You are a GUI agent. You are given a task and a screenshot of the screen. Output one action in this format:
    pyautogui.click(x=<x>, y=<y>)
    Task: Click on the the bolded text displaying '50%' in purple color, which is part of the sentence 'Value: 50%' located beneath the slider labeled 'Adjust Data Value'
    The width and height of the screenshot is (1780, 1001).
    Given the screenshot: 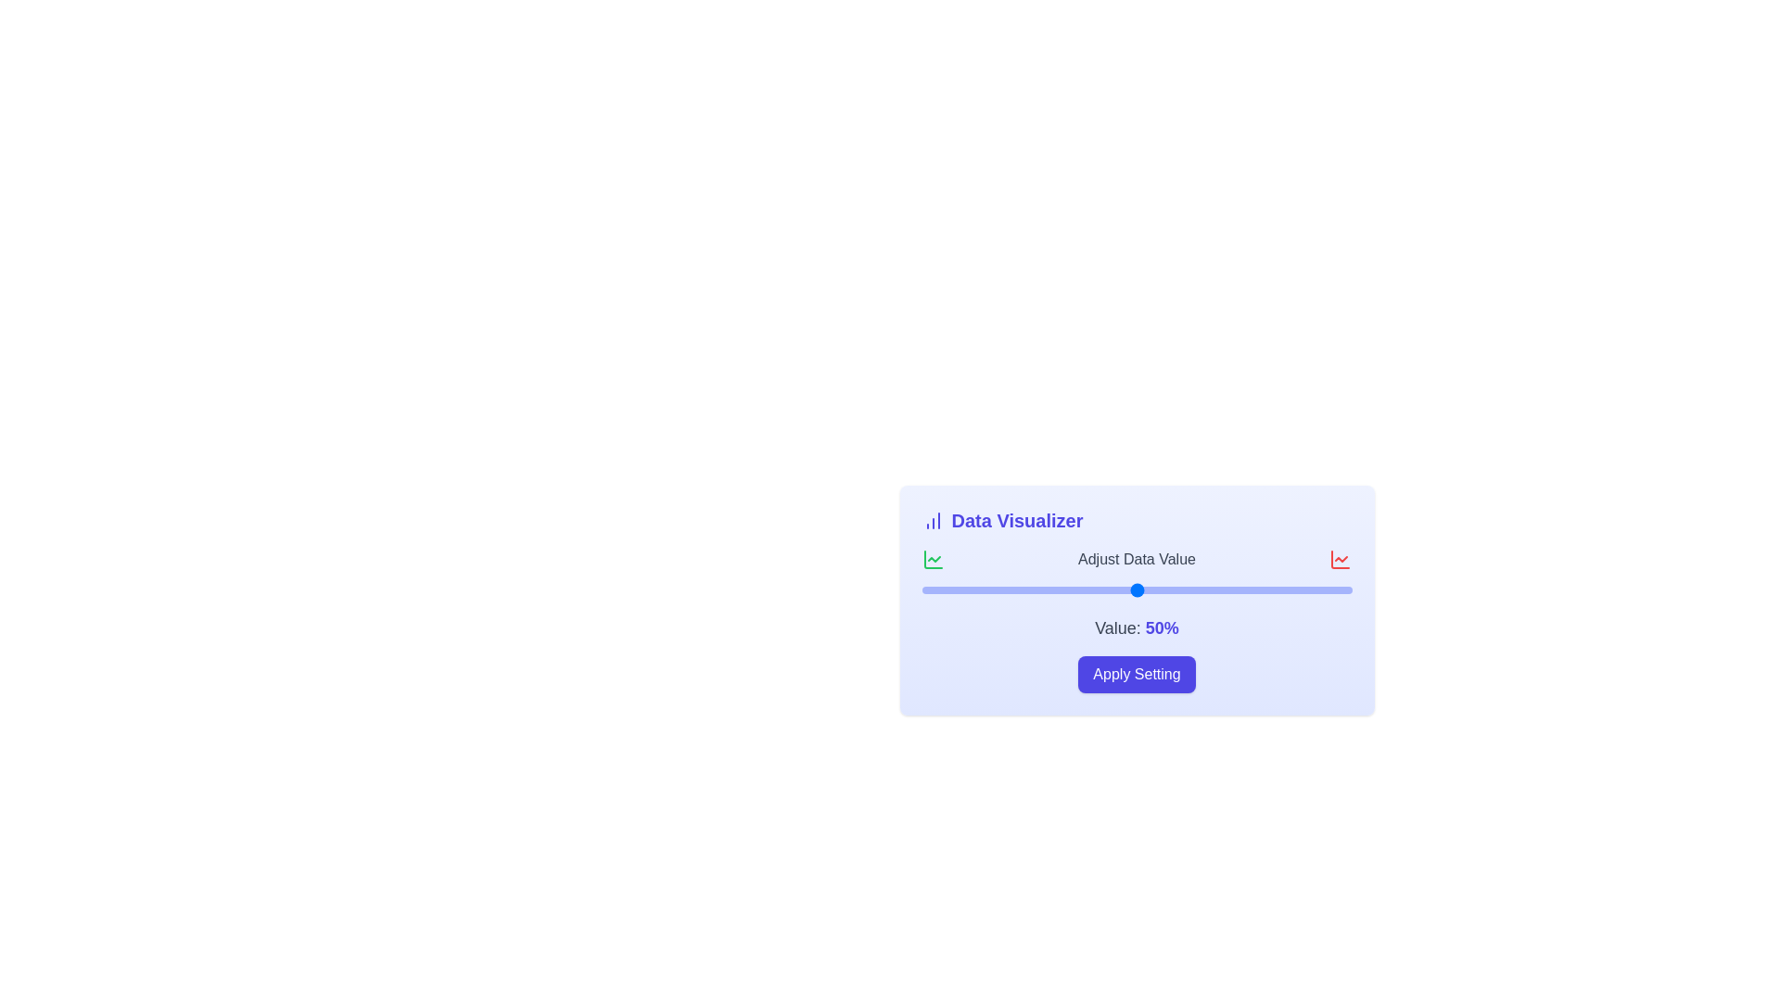 What is the action you would take?
    pyautogui.click(x=1161, y=627)
    